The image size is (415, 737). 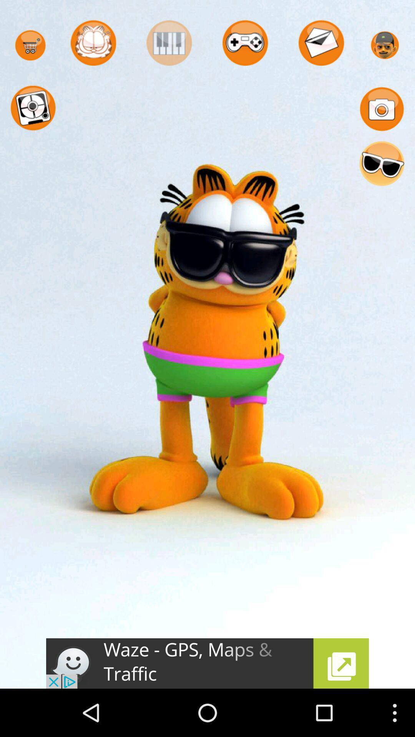 What do you see at coordinates (382, 116) in the screenshot?
I see `the photo icon` at bounding box center [382, 116].